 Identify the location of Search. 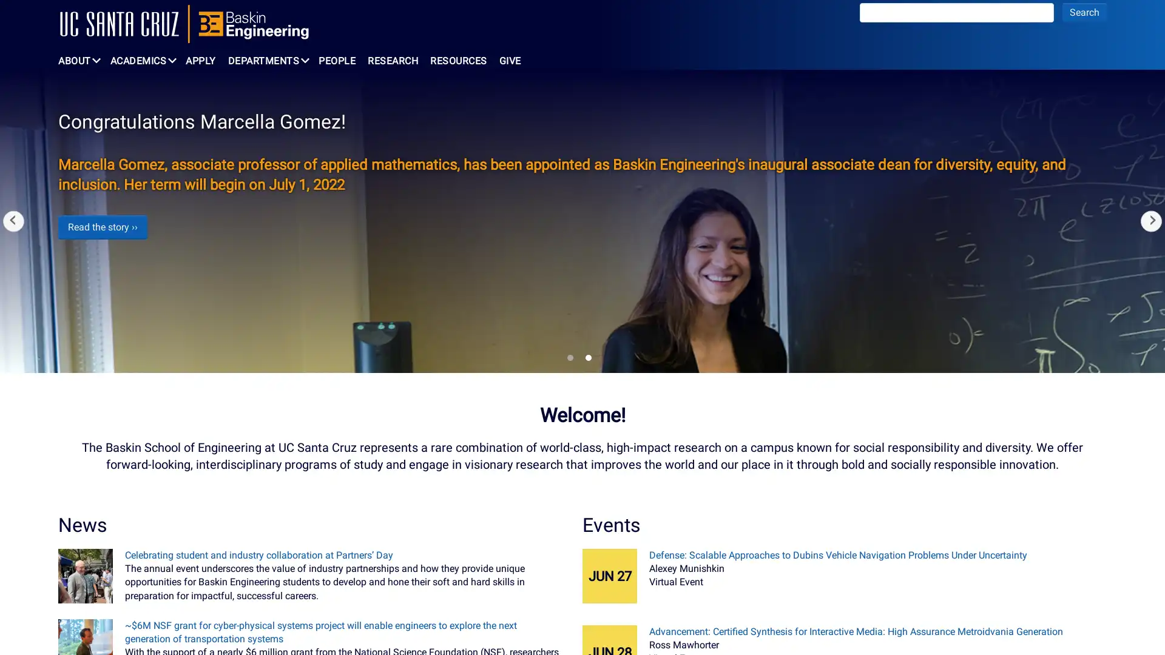
(1084, 12).